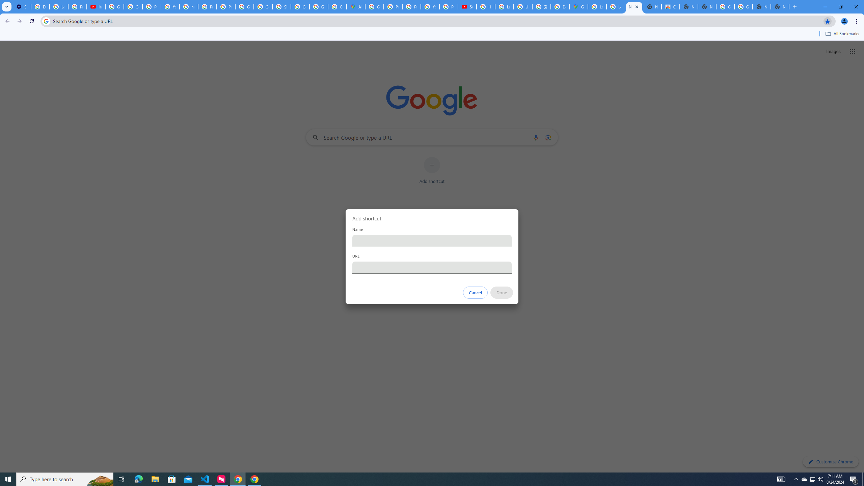  Describe the element at coordinates (188, 6) in the screenshot. I see `'https://scholar.google.com/'` at that location.